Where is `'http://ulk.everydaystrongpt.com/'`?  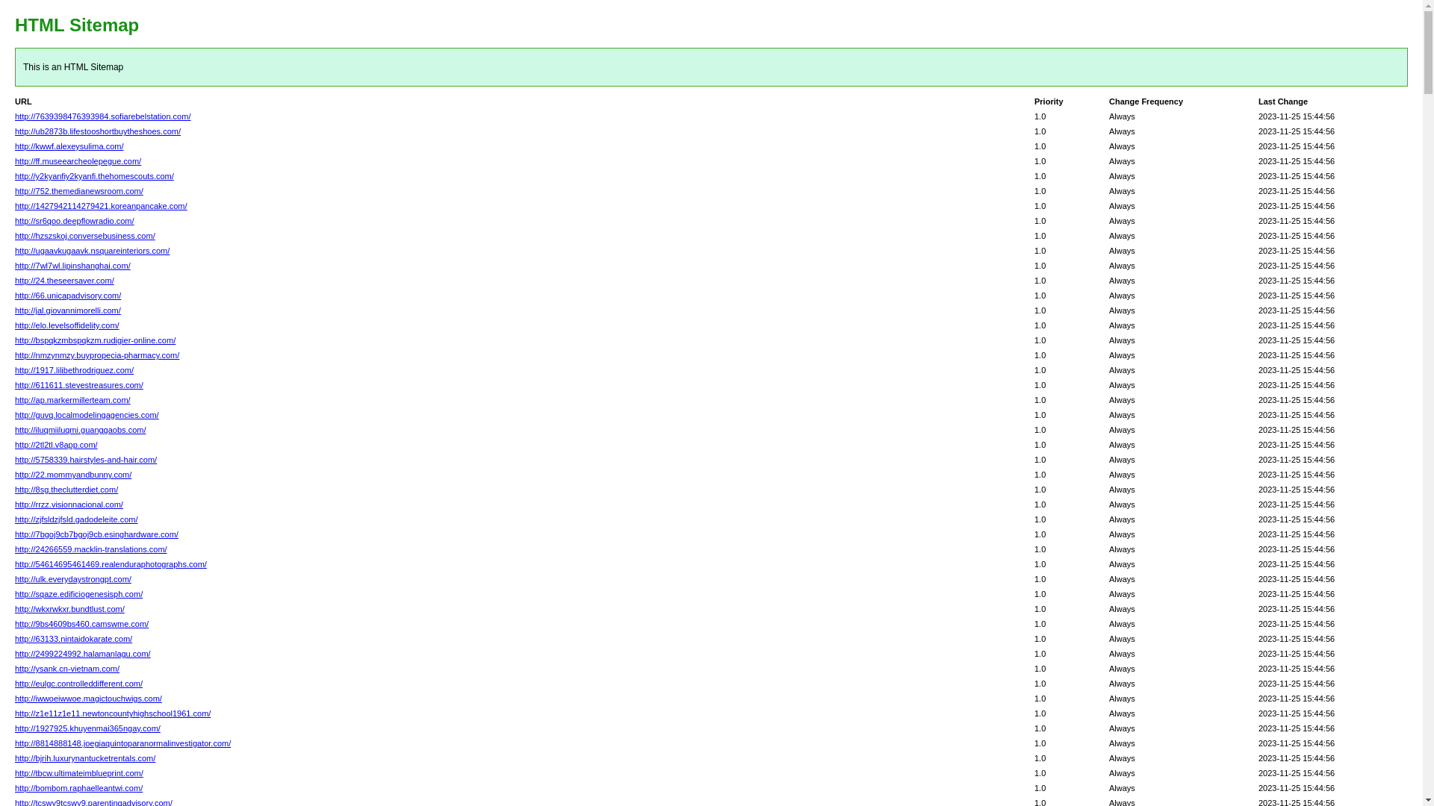
'http://ulk.everydaystrongpt.com/' is located at coordinates (72, 578).